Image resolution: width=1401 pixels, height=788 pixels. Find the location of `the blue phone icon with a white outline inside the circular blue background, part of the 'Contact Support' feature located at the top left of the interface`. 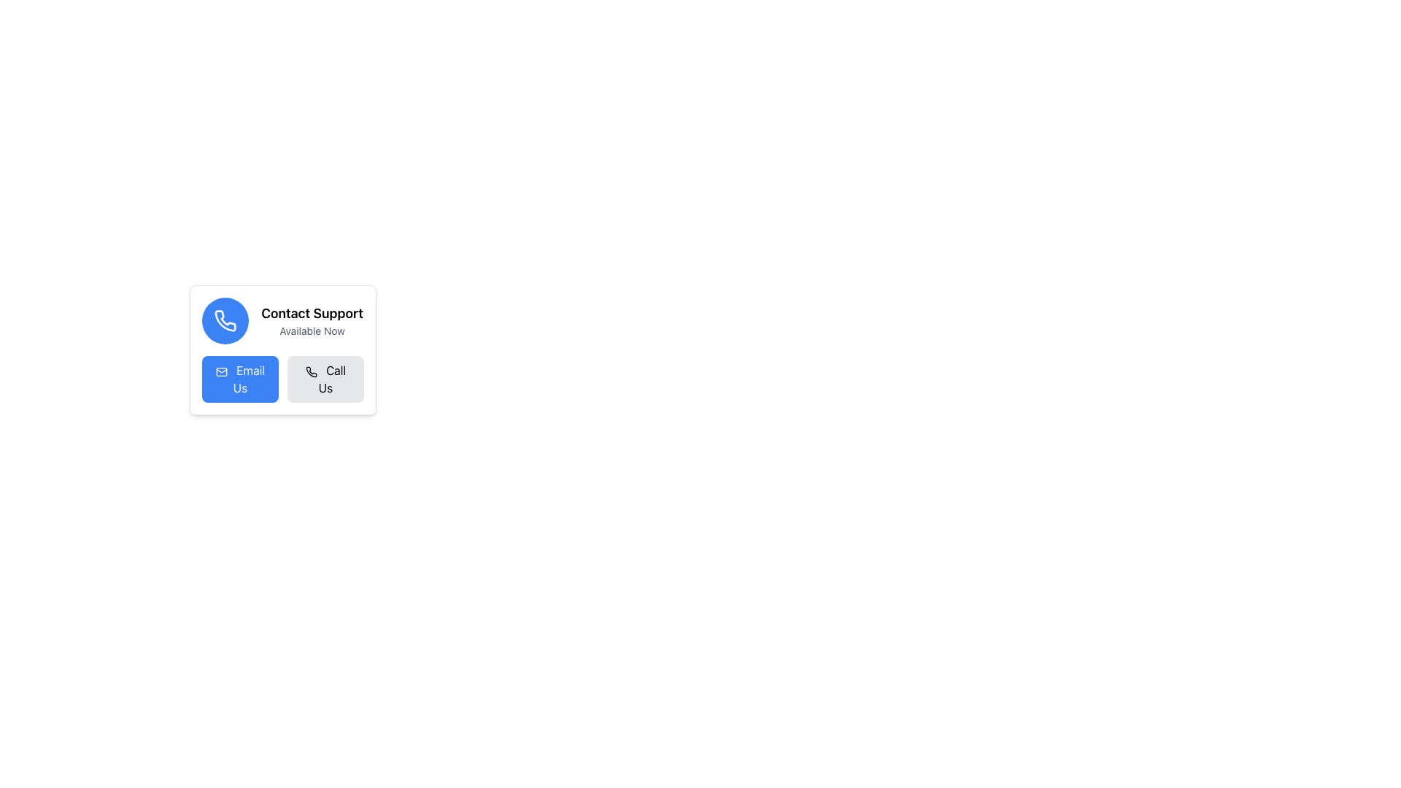

the blue phone icon with a white outline inside the circular blue background, part of the 'Contact Support' feature located at the top left of the interface is located at coordinates (225, 320).